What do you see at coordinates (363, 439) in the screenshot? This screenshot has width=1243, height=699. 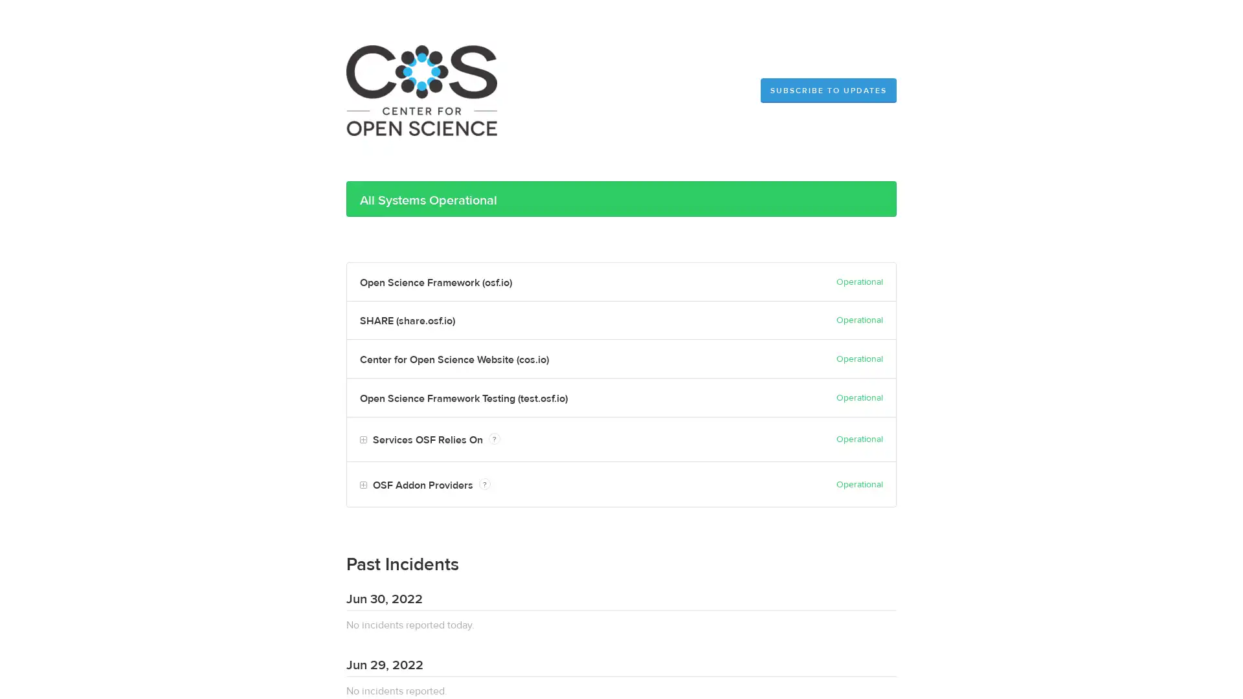 I see `Toggle Services OSF Relies On` at bounding box center [363, 439].